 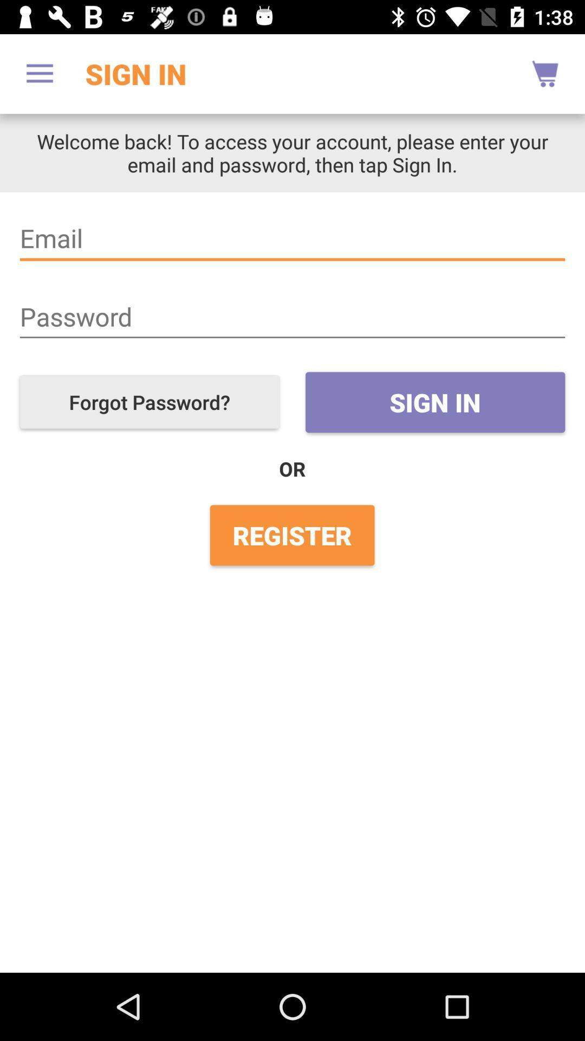 I want to click on item on the left, so click(x=149, y=401).